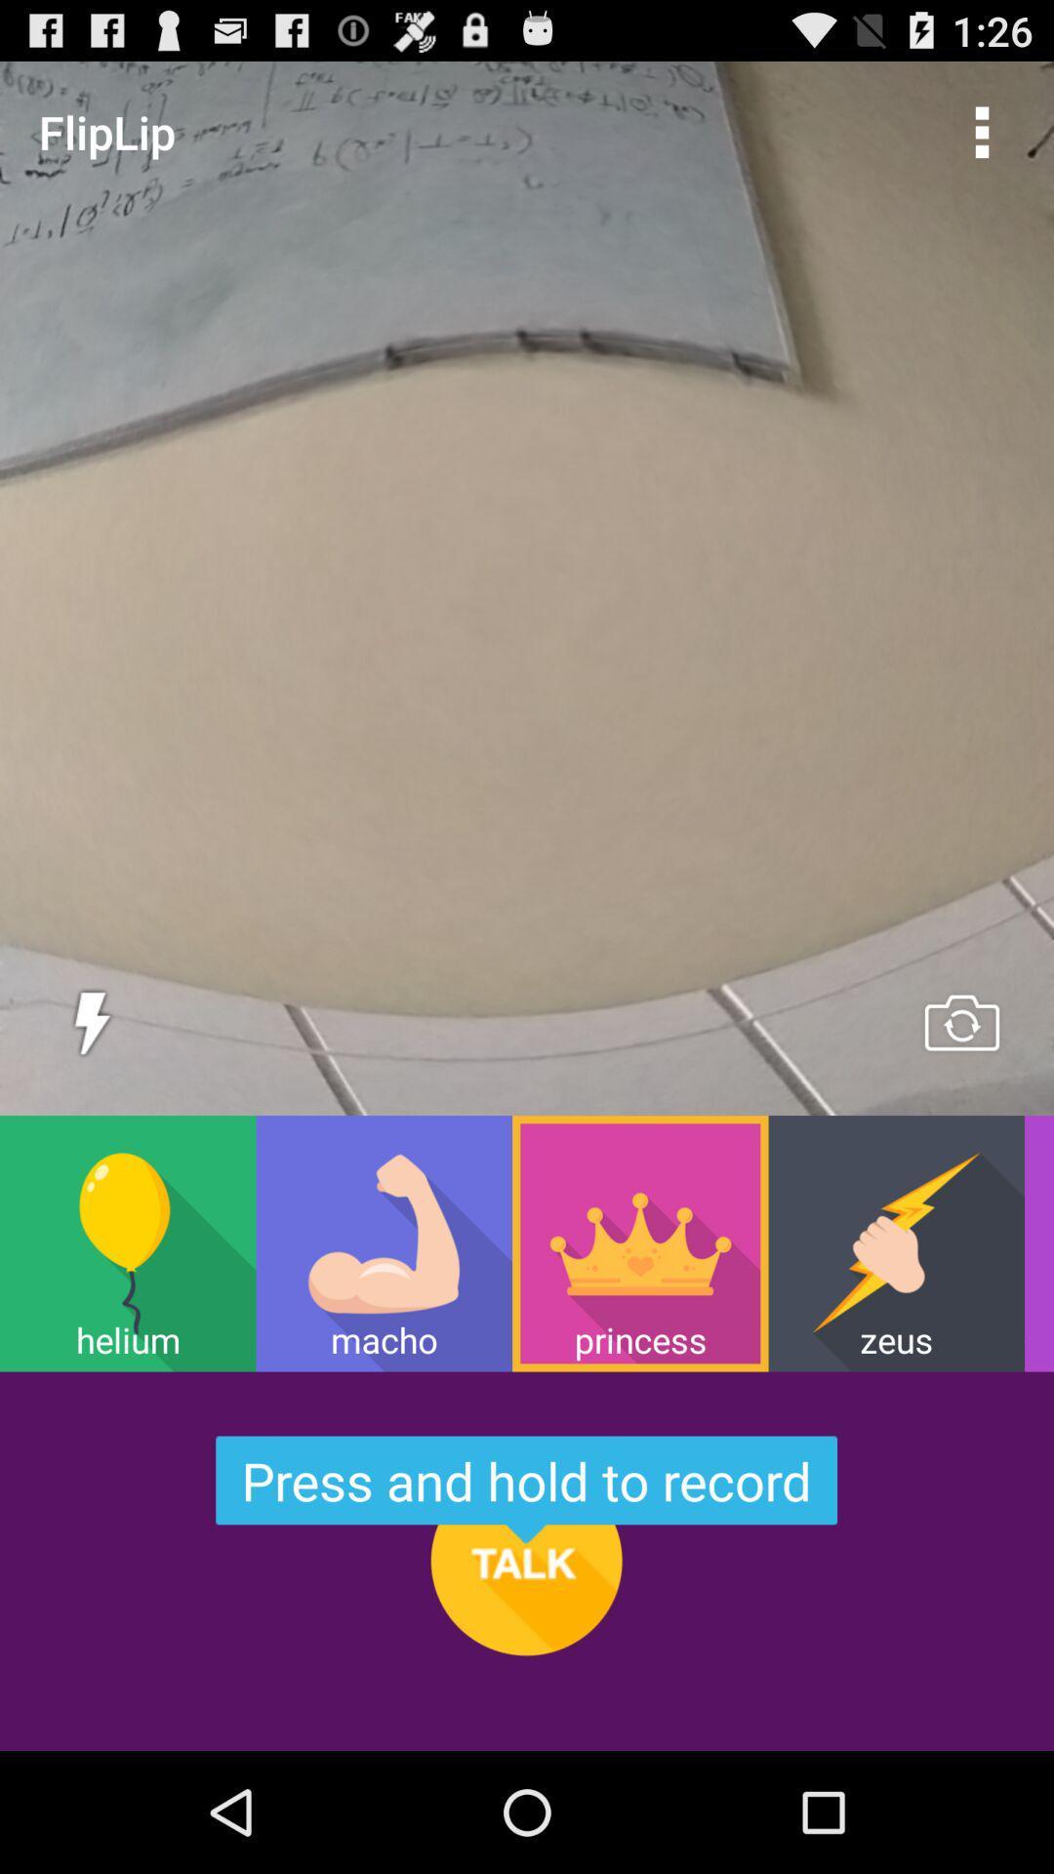 This screenshot has width=1054, height=1874. What do you see at coordinates (1037, 1243) in the screenshot?
I see `item next to the zeus item` at bounding box center [1037, 1243].